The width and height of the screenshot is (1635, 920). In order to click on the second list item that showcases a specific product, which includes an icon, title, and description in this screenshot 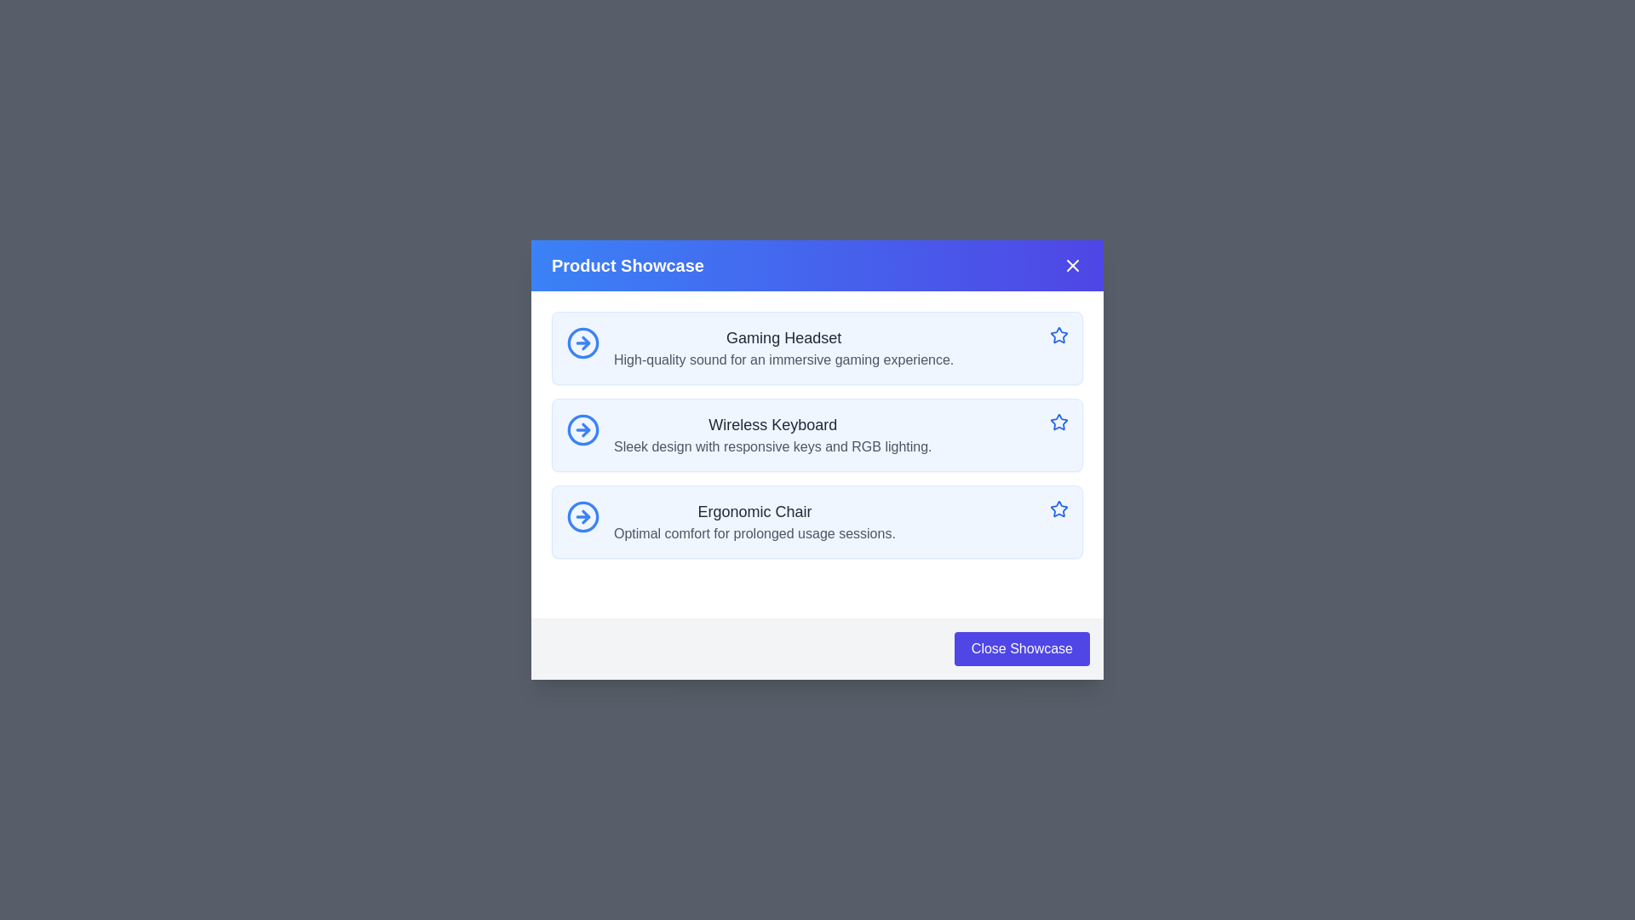, I will do `click(817, 434)`.